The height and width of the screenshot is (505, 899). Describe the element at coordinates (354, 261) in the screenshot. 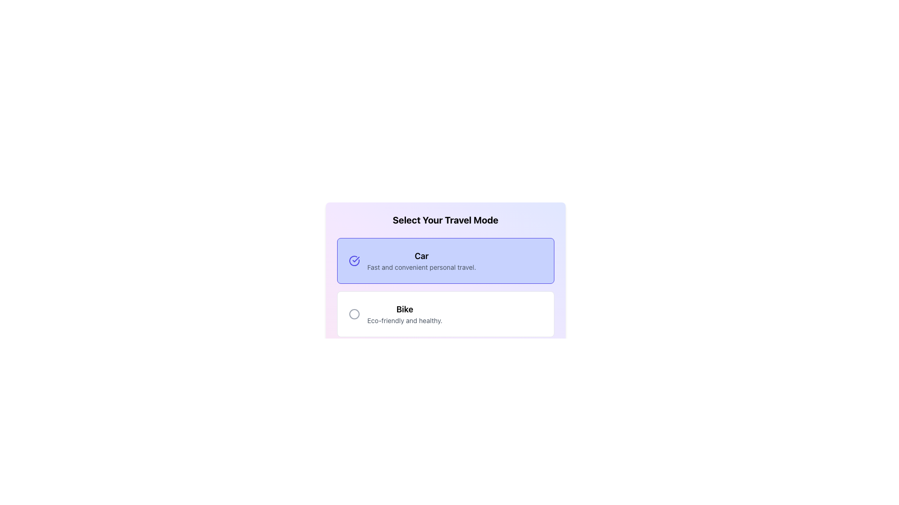

I see `the icon at the top-left of the 'Car Fast and convenient personal travel' card` at that location.